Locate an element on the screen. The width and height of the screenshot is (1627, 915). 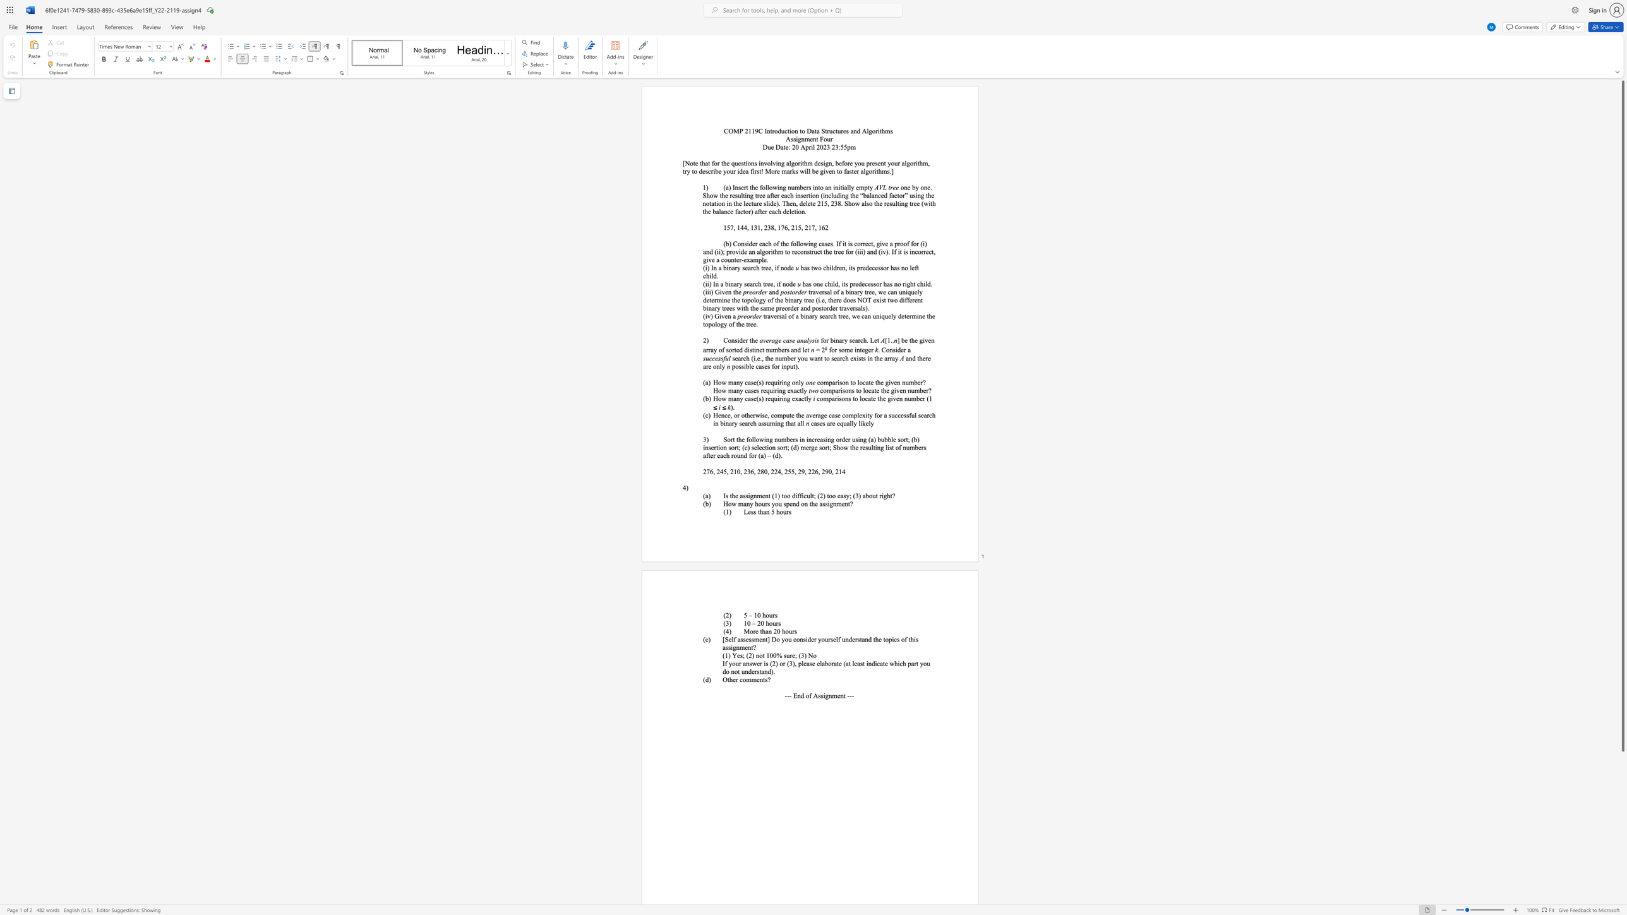
the 9th character "t" in the text is located at coordinates (683, 171).